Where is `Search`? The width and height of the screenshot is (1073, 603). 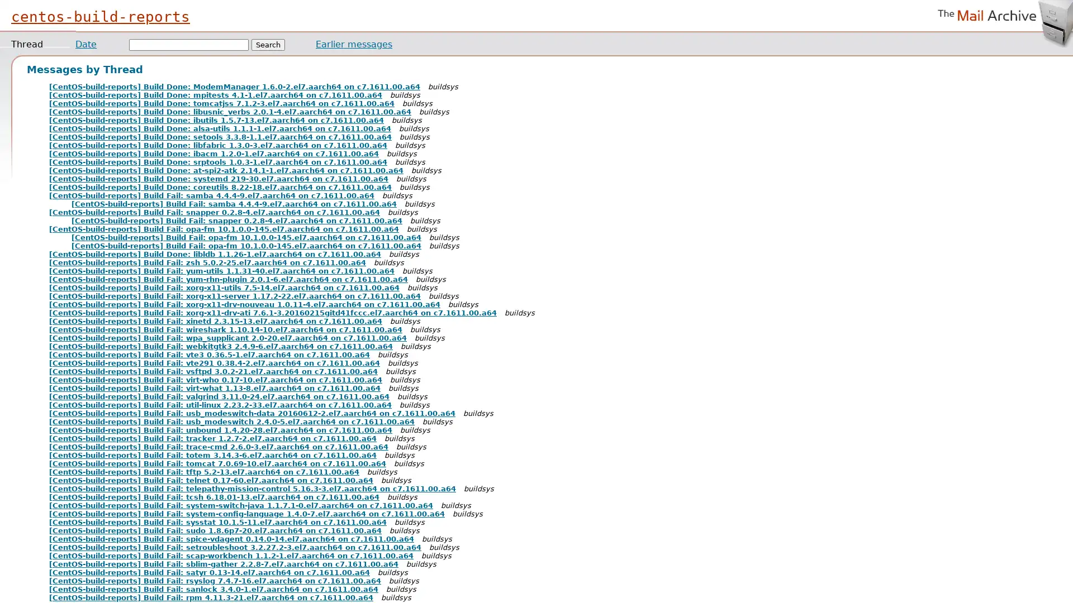 Search is located at coordinates (268, 44).